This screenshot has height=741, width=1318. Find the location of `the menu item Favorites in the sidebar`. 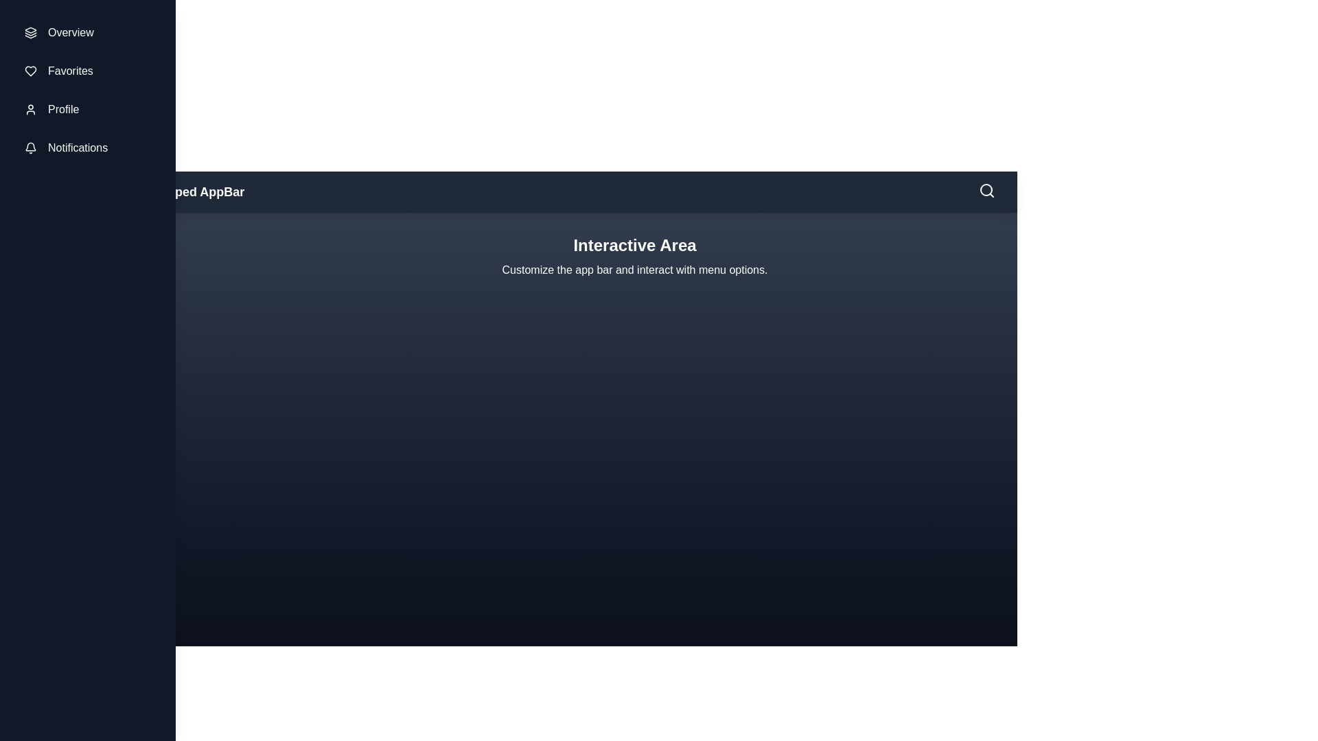

the menu item Favorites in the sidebar is located at coordinates (87, 71).